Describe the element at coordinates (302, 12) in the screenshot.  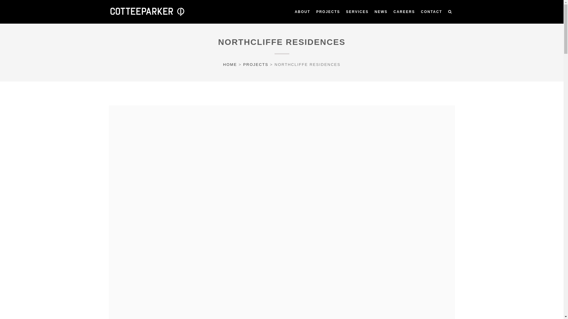
I see `'ABOUT'` at that location.